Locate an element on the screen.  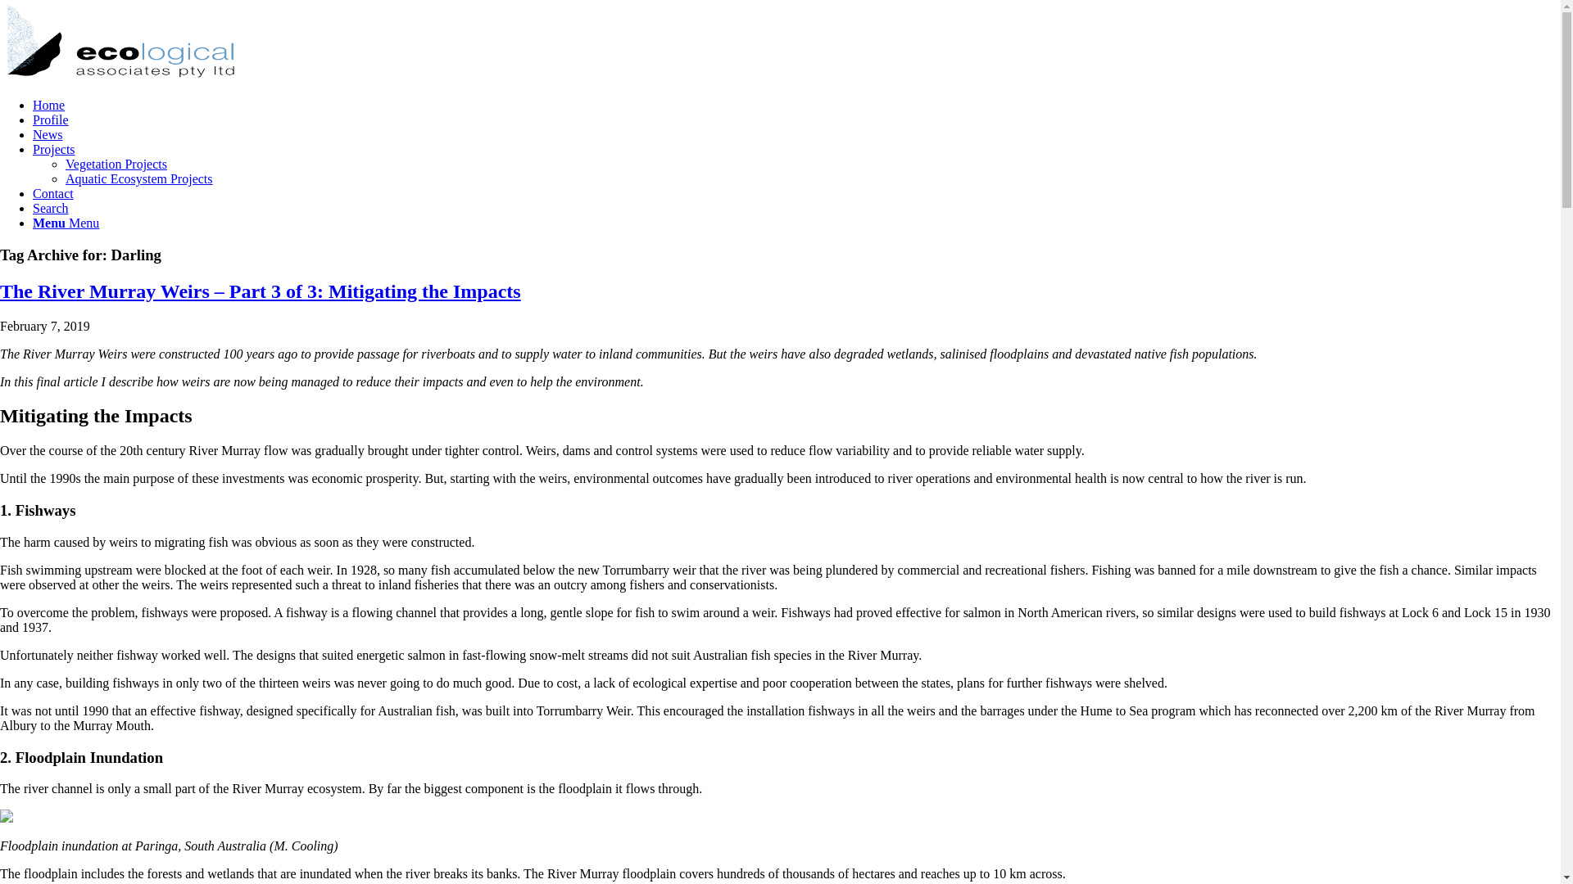
'Contact' is located at coordinates (53, 192).